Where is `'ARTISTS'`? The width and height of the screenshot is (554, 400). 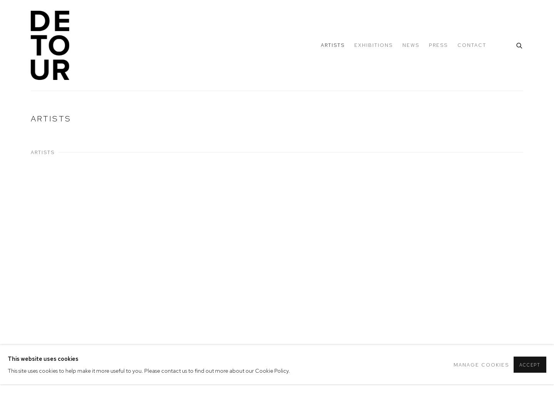
'ARTISTS' is located at coordinates (43, 152).